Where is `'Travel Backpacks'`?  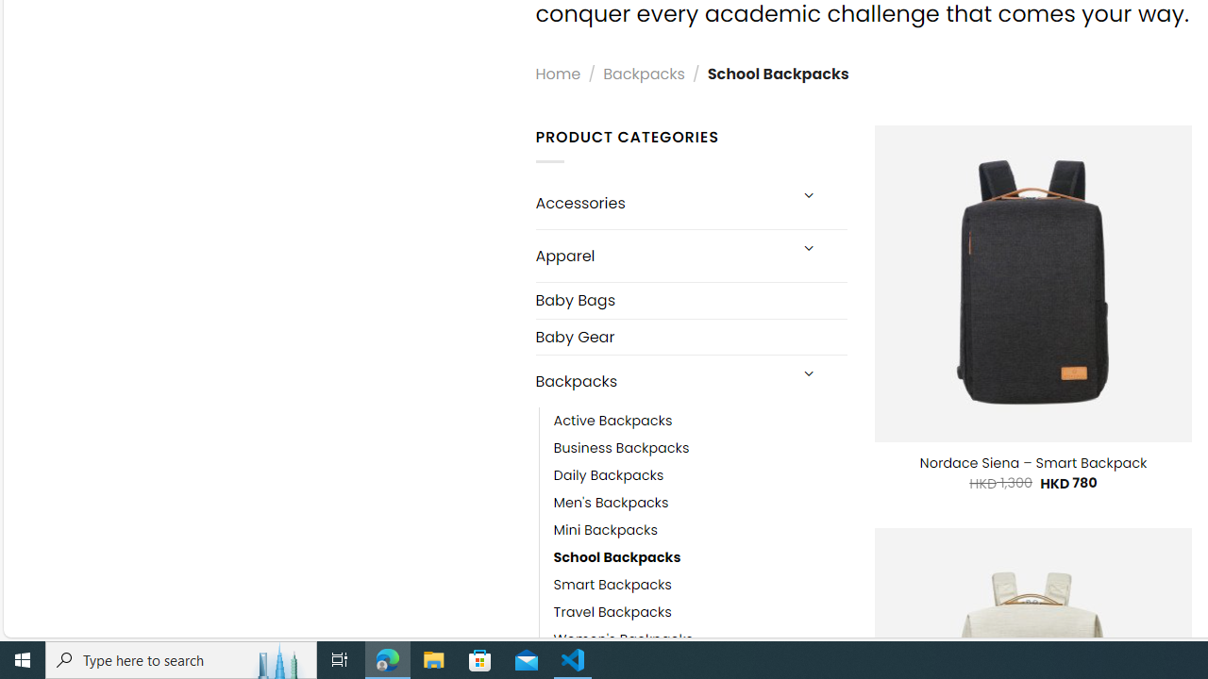
'Travel Backpacks' is located at coordinates (612, 613).